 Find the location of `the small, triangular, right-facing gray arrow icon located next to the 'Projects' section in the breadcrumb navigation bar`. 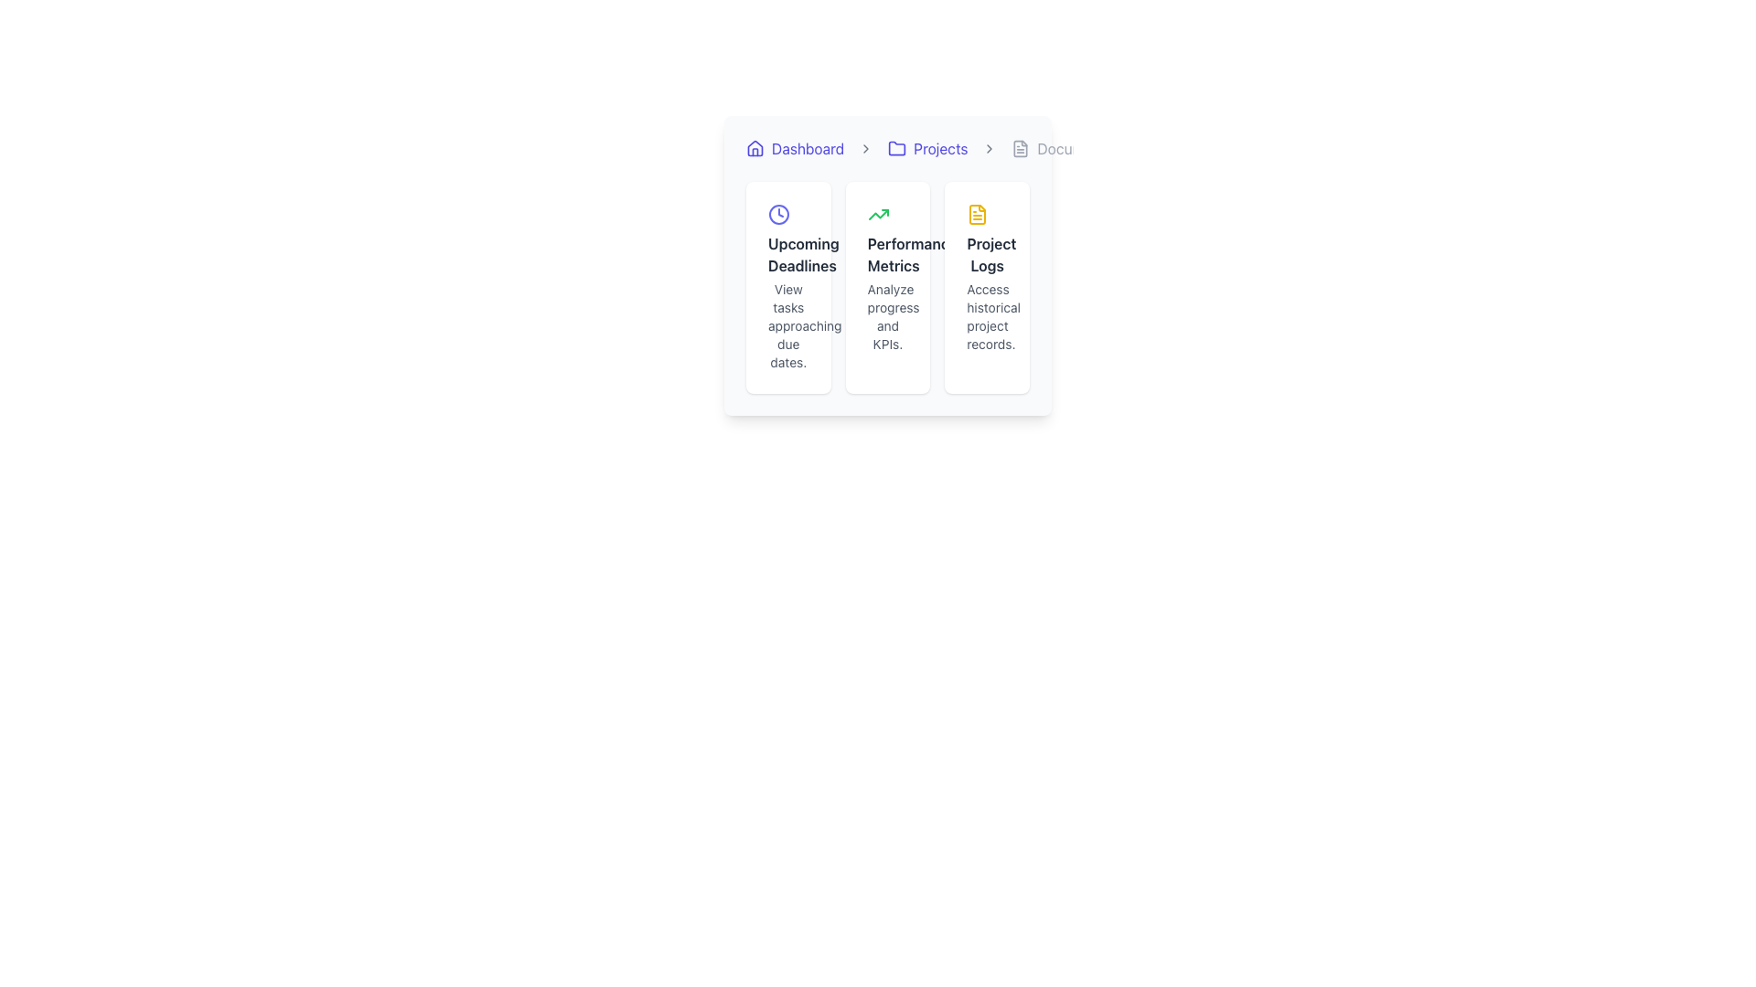

the small, triangular, right-facing gray arrow icon located next to the 'Projects' section in the breadcrumb navigation bar is located at coordinates (989, 147).